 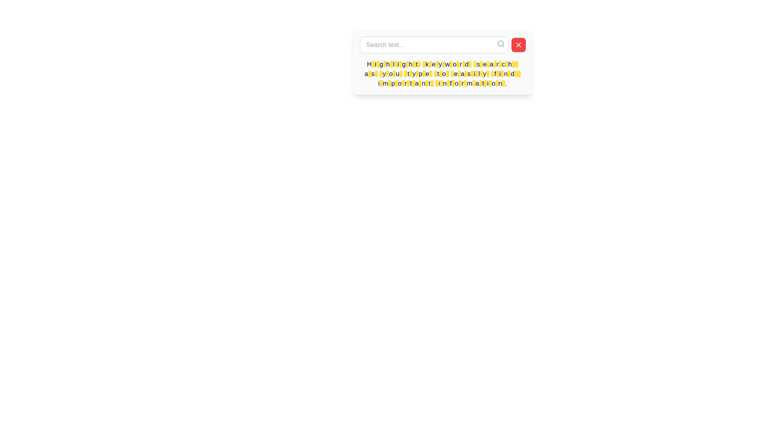 I want to click on the Highlight marker, a small yellow rectangle with rounded corners that appears near the end of the sentence 'Highlight keyword search as you type to easily find important information.', so click(x=487, y=74).